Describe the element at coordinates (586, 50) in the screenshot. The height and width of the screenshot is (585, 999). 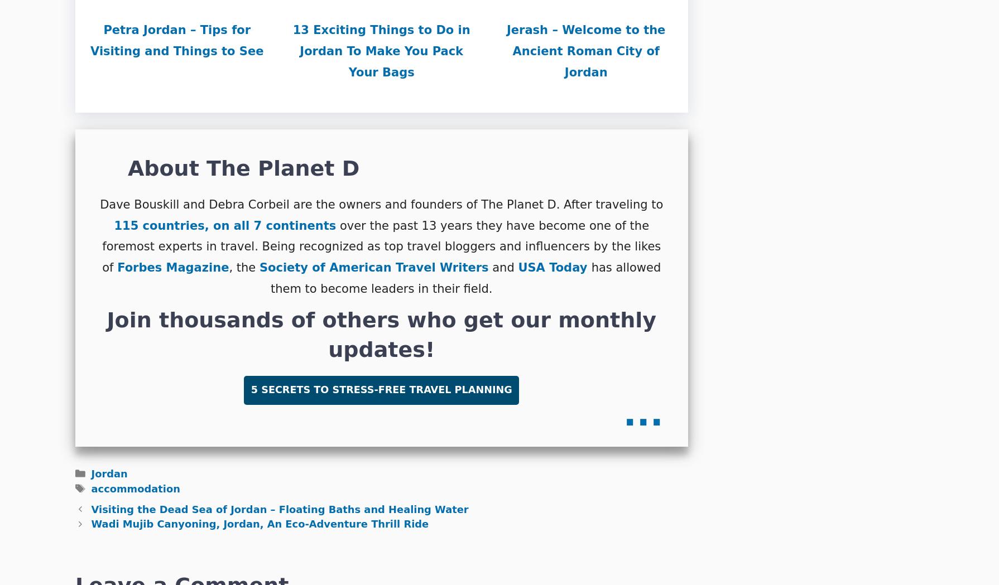
I see `'Jerash – Welcome to the Ancient Roman City of Jordan'` at that location.